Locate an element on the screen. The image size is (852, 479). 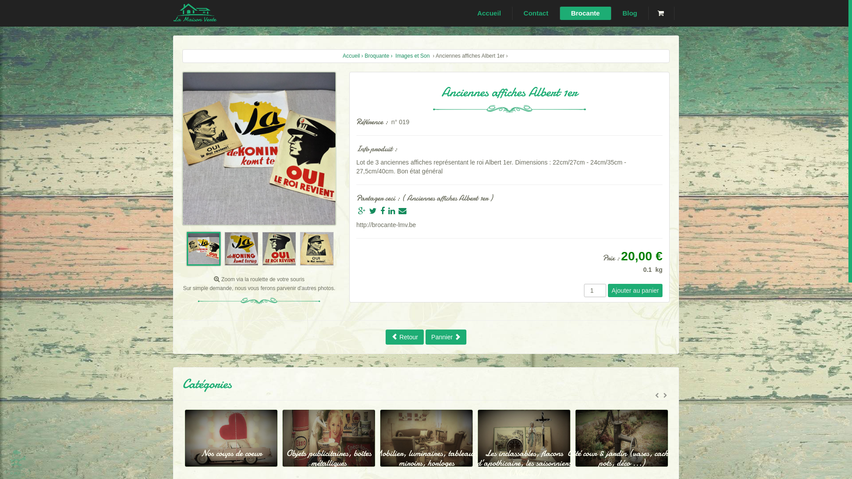
'Blog' is located at coordinates (630, 13).